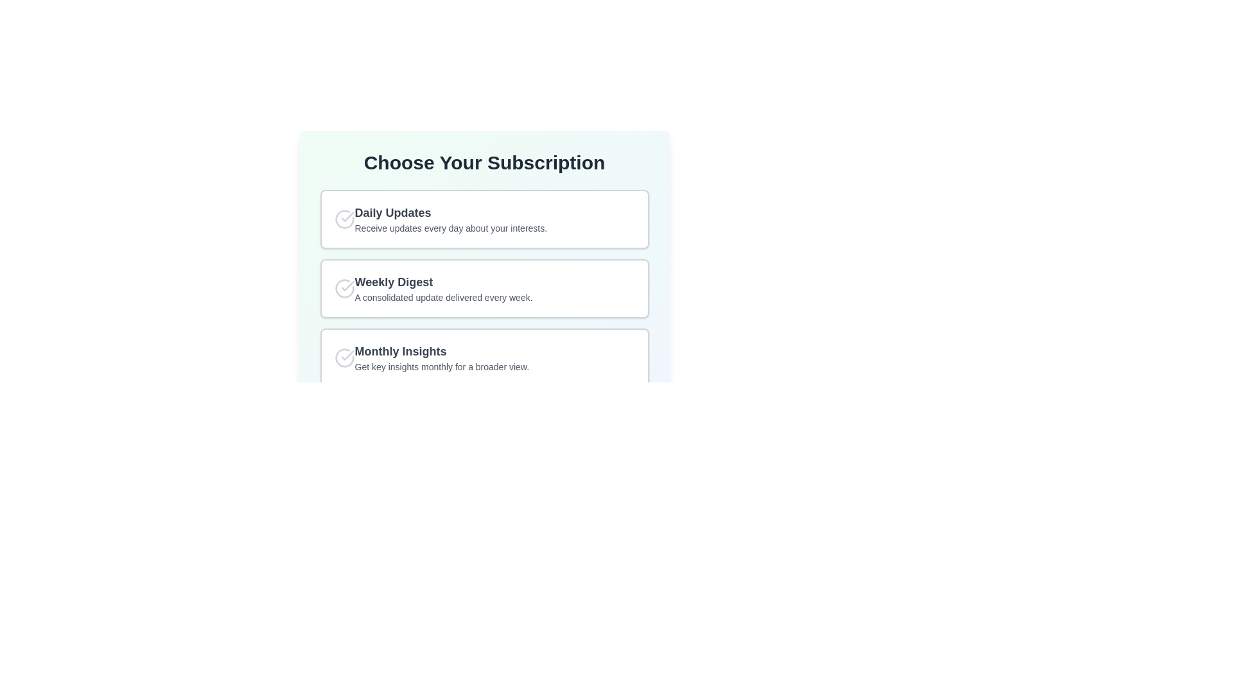 The width and height of the screenshot is (1233, 693). What do you see at coordinates (484, 286) in the screenshot?
I see `the 'Weekly Digest' subscription card, which is the second option in the subscription plan list` at bounding box center [484, 286].